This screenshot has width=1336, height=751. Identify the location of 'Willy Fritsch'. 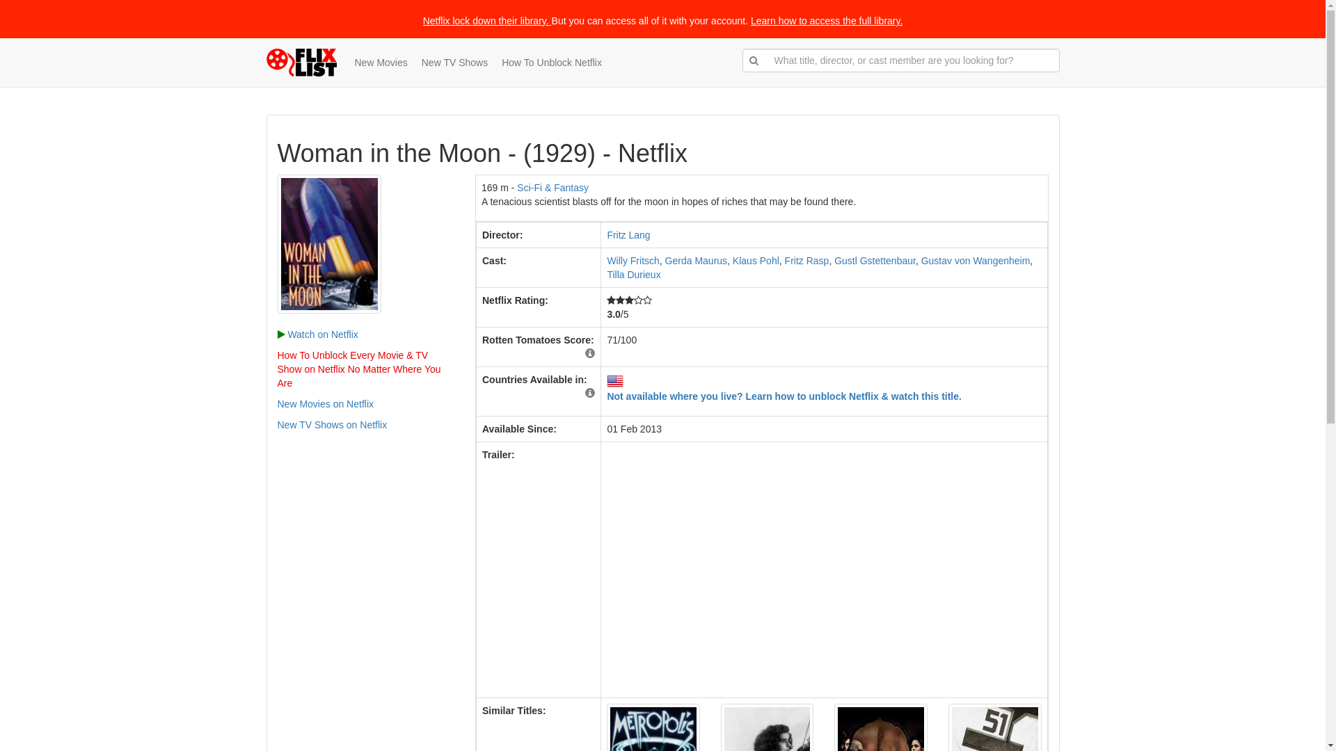
(632, 260).